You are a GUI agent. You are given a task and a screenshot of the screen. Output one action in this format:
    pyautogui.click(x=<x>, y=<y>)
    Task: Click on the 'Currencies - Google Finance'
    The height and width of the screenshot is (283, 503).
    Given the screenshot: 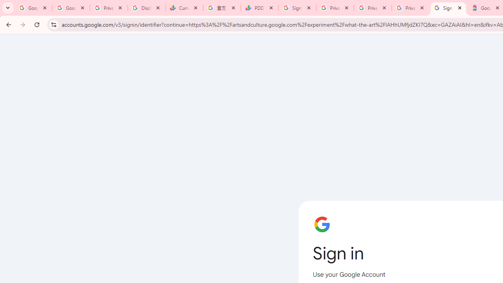 What is the action you would take?
    pyautogui.click(x=184, y=8)
    